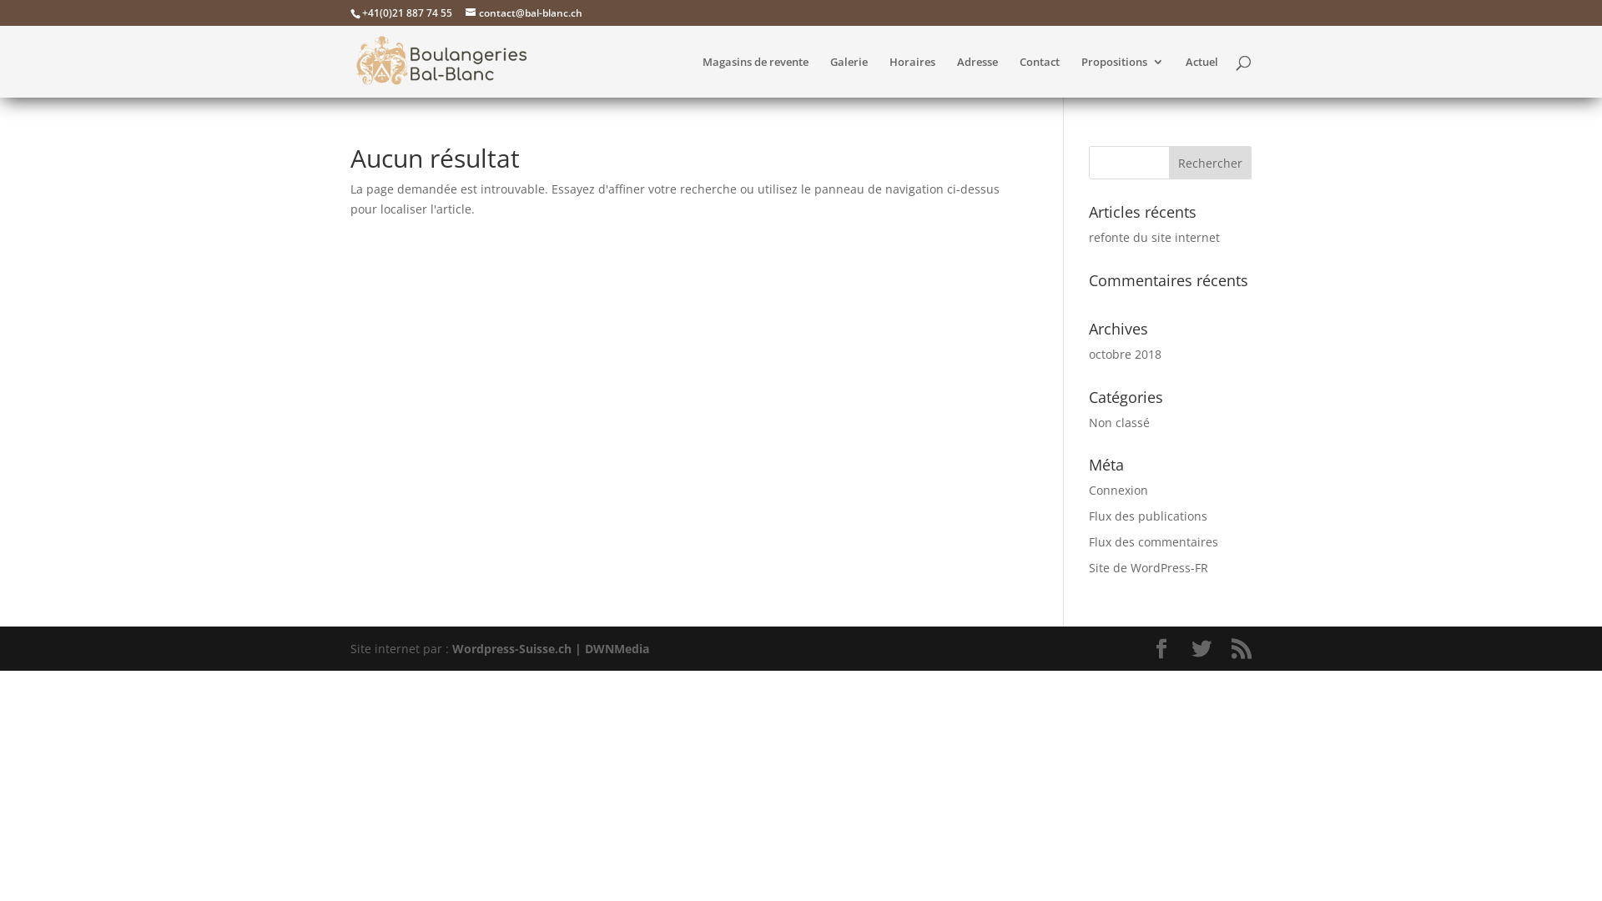  I want to click on 'Actuel', so click(1201, 77).